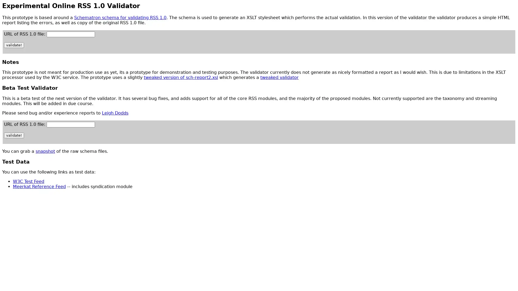  I want to click on validate!, so click(14, 135).